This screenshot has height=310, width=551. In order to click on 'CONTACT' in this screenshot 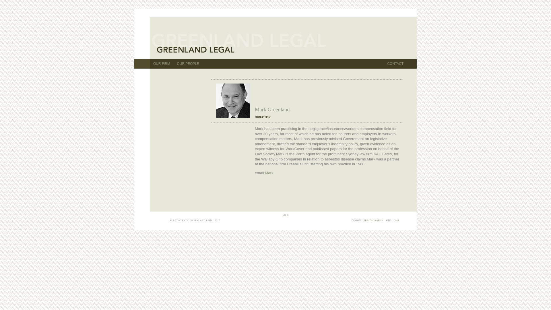, I will do `click(395, 64)`.